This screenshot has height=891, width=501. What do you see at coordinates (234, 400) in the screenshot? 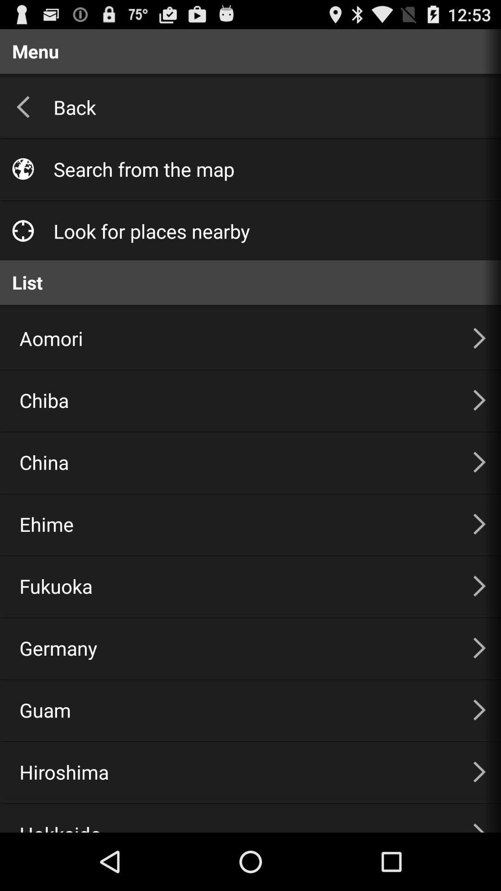
I see `item above the china item` at bounding box center [234, 400].